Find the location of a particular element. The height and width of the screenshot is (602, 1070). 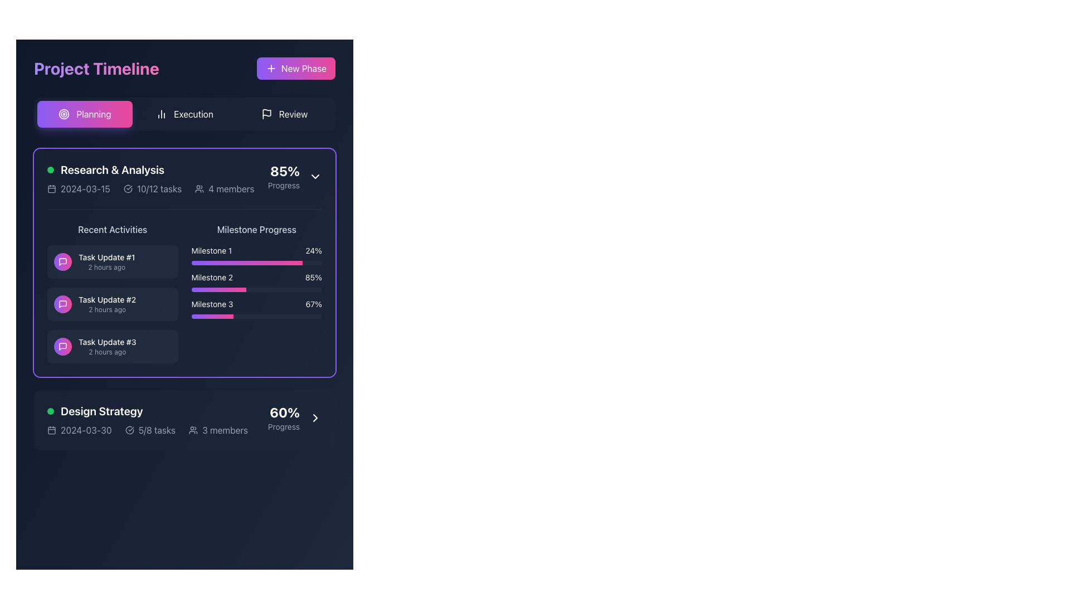

the informational display element titled 'Design Strategy' is located at coordinates (147, 420).